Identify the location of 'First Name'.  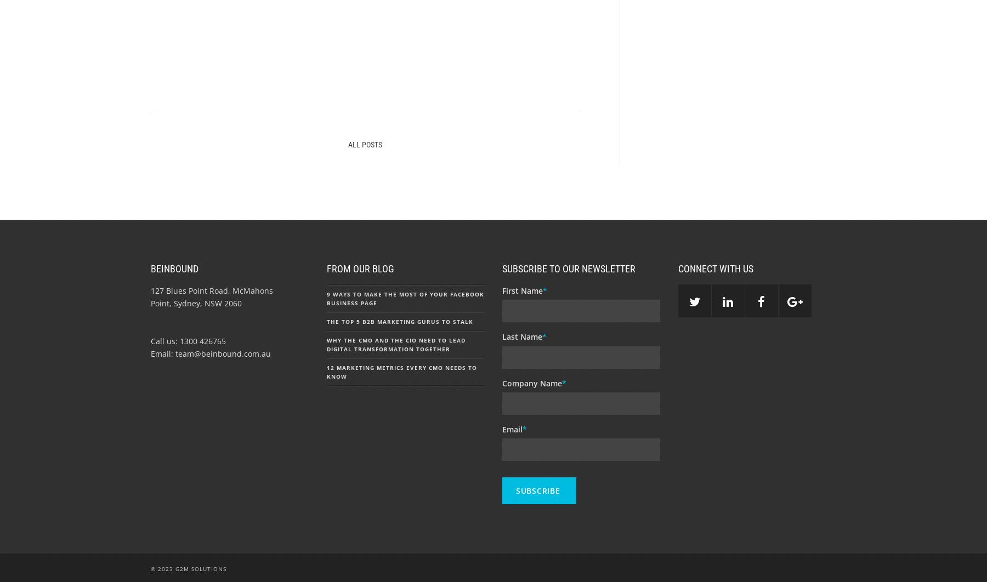
(521, 289).